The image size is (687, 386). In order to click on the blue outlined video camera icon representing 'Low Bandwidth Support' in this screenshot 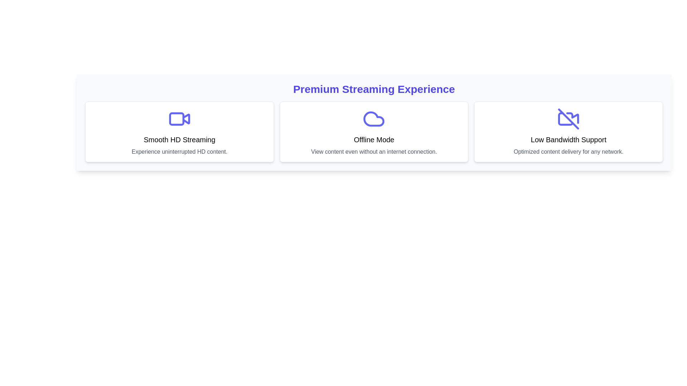, I will do `click(568, 118)`.